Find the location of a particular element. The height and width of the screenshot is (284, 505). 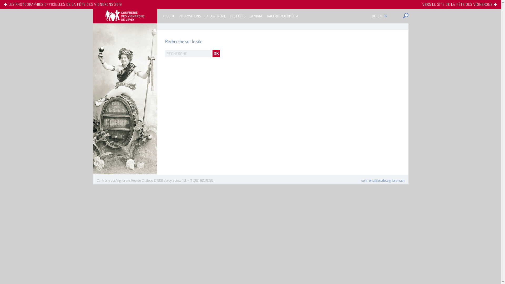

'FR' is located at coordinates (385, 16).